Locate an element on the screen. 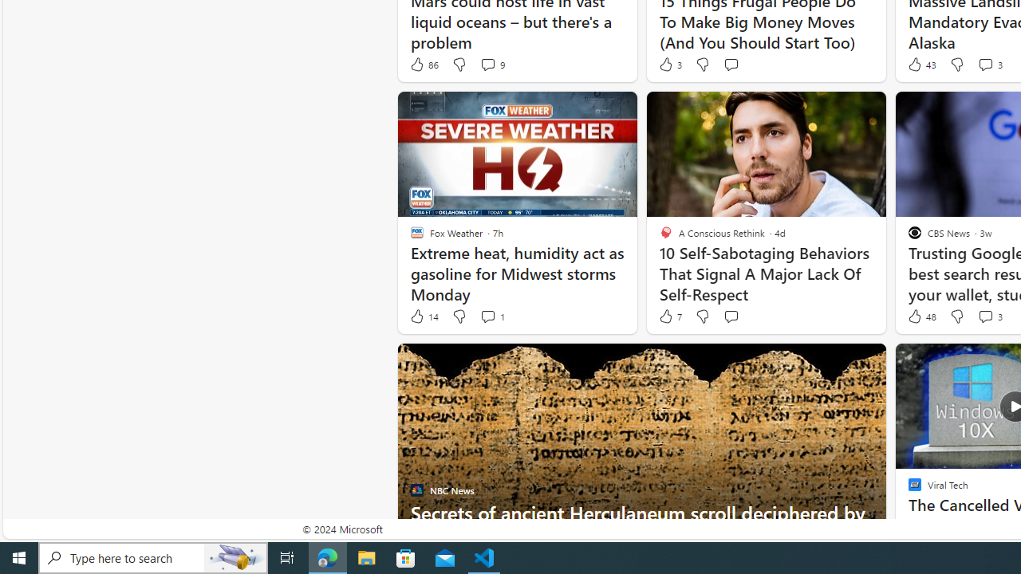 The height and width of the screenshot is (574, 1021). '48 Like' is located at coordinates (920, 316).